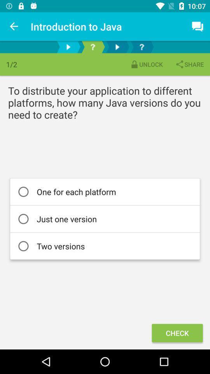  What do you see at coordinates (146, 64) in the screenshot?
I see `icon next to share item` at bounding box center [146, 64].